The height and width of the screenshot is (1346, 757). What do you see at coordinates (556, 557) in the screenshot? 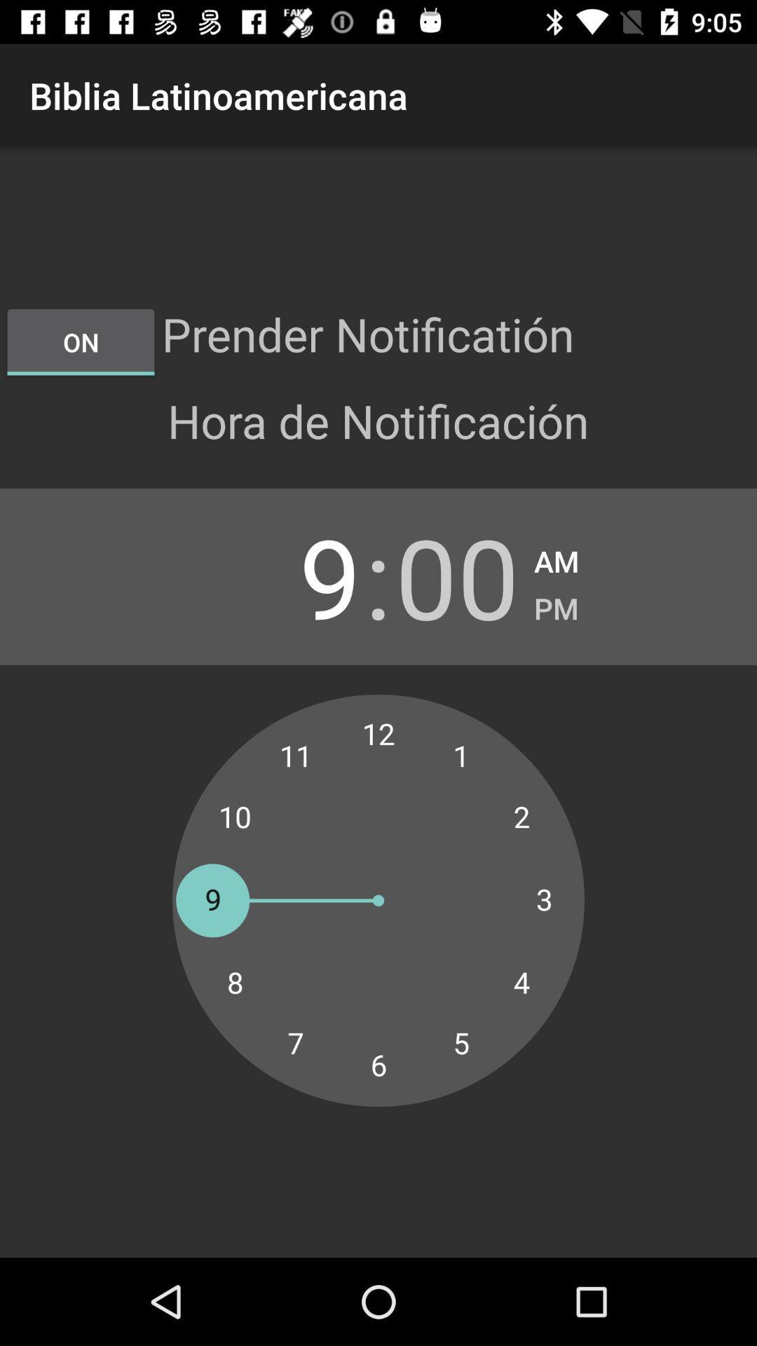
I see `the item above pm checkbox` at bounding box center [556, 557].